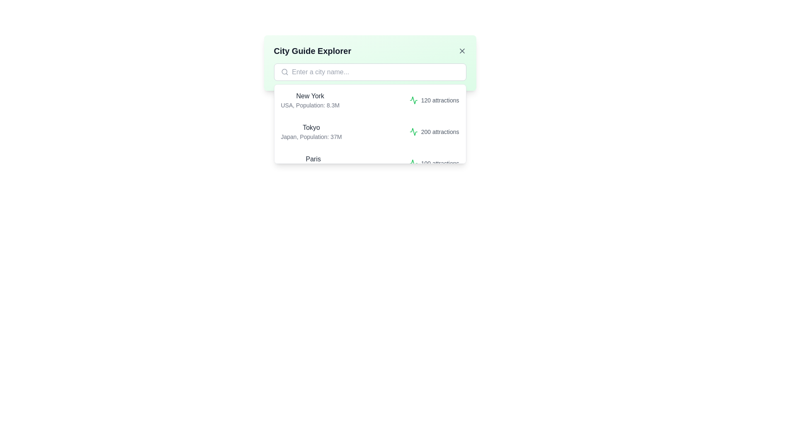  I want to click on the text label 'City Guide Explorer' which is positioned at the top of a light green card layout, so click(312, 51).